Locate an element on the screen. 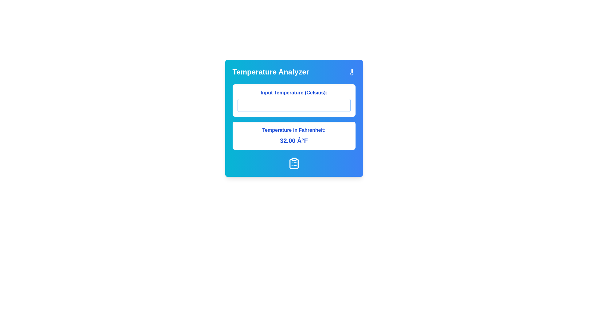 The height and width of the screenshot is (331, 590). the unique thermometer icon located in the top-right corner of the 'Temperature Analyzer' section to visually gain context about temperature measurement is located at coordinates (352, 72).